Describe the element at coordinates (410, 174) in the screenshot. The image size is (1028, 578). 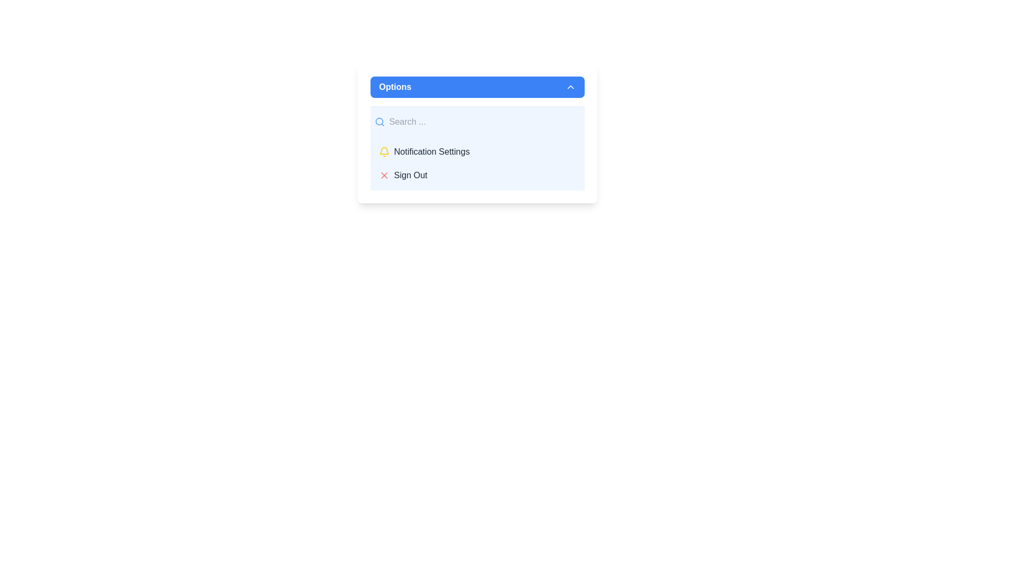
I see `the 'Sign Out' text label located in the lower section of the dropdown menu under the 'Options' title` at that location.